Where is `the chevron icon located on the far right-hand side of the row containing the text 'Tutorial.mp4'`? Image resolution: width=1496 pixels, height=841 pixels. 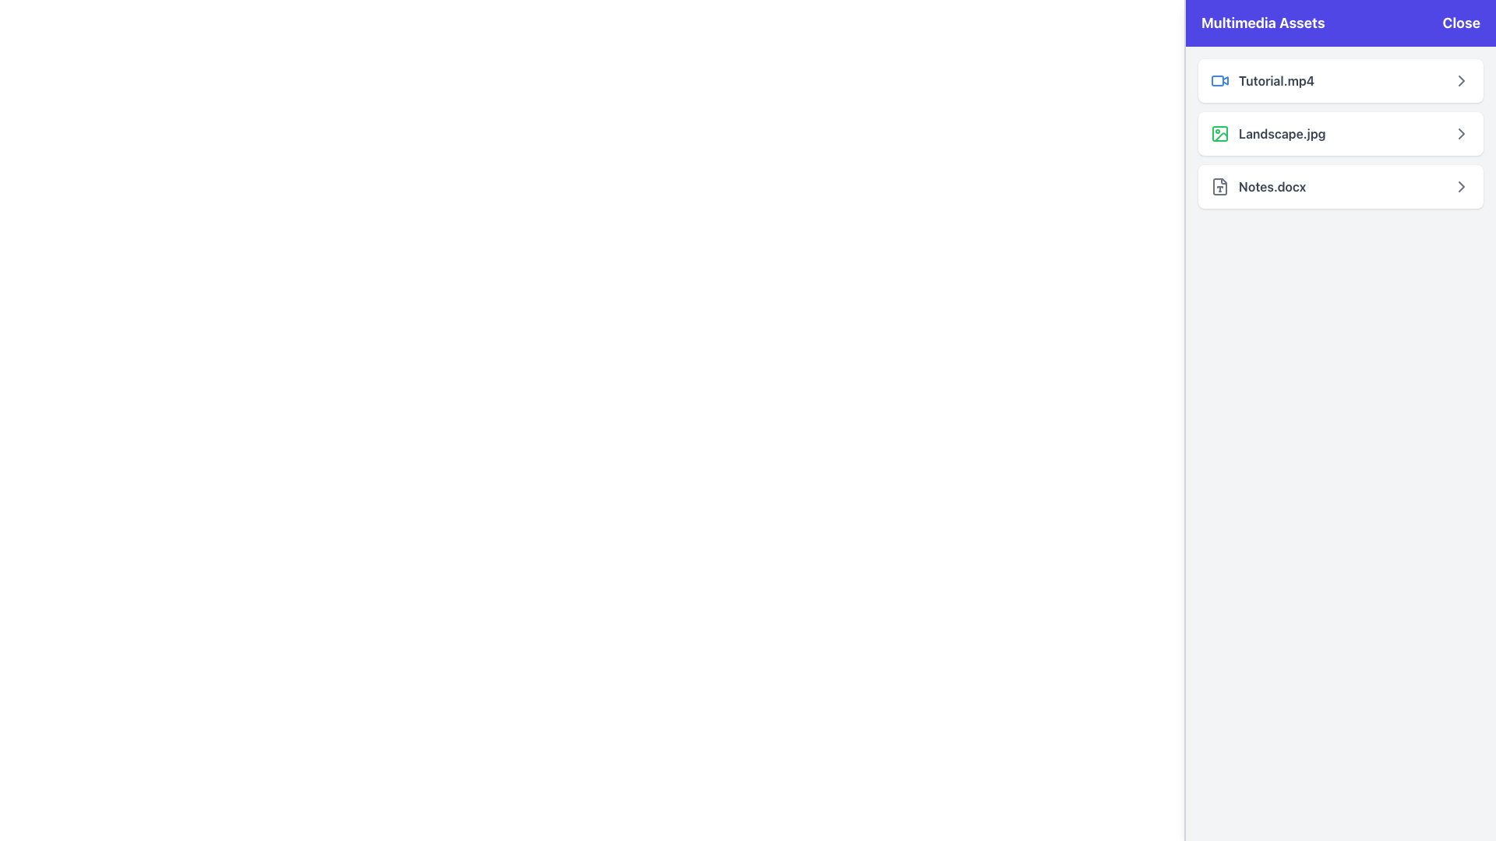
the chevron icon located on the far right-hand side of the row containing the text 'Tutorial.mp4' is located at coordinates (1461, 81).